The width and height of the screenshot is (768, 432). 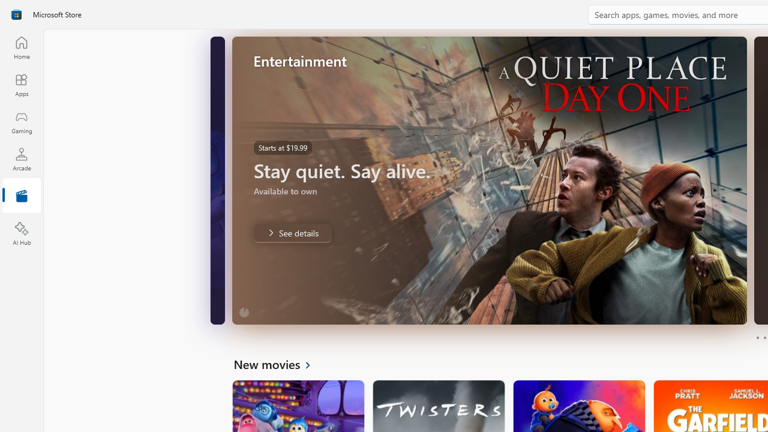 What do you see at coordinates (21, 234) in the screenshot?
I see `'AI Hub'` at bounding box center [21, 234].